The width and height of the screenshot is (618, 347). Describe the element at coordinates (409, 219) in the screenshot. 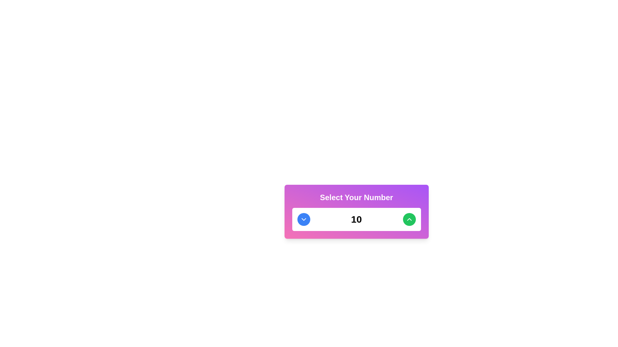

I see `upward-pointing chevron icon within the circular green button located on the right-hand side of the interface for accessibility purposes` at that location.